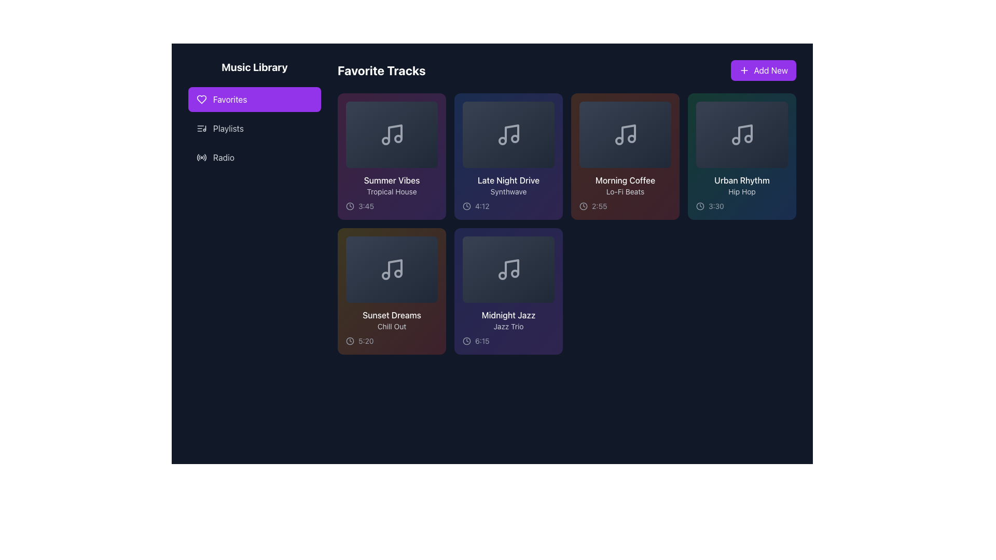  What do you see at coordinates (700, 206) in the screenshot?
I see `the icon located at the bottom-left corner of the 'Urban Rhythm' music card, next to the track duration text '3:30'` at bounding box center [700, 206].